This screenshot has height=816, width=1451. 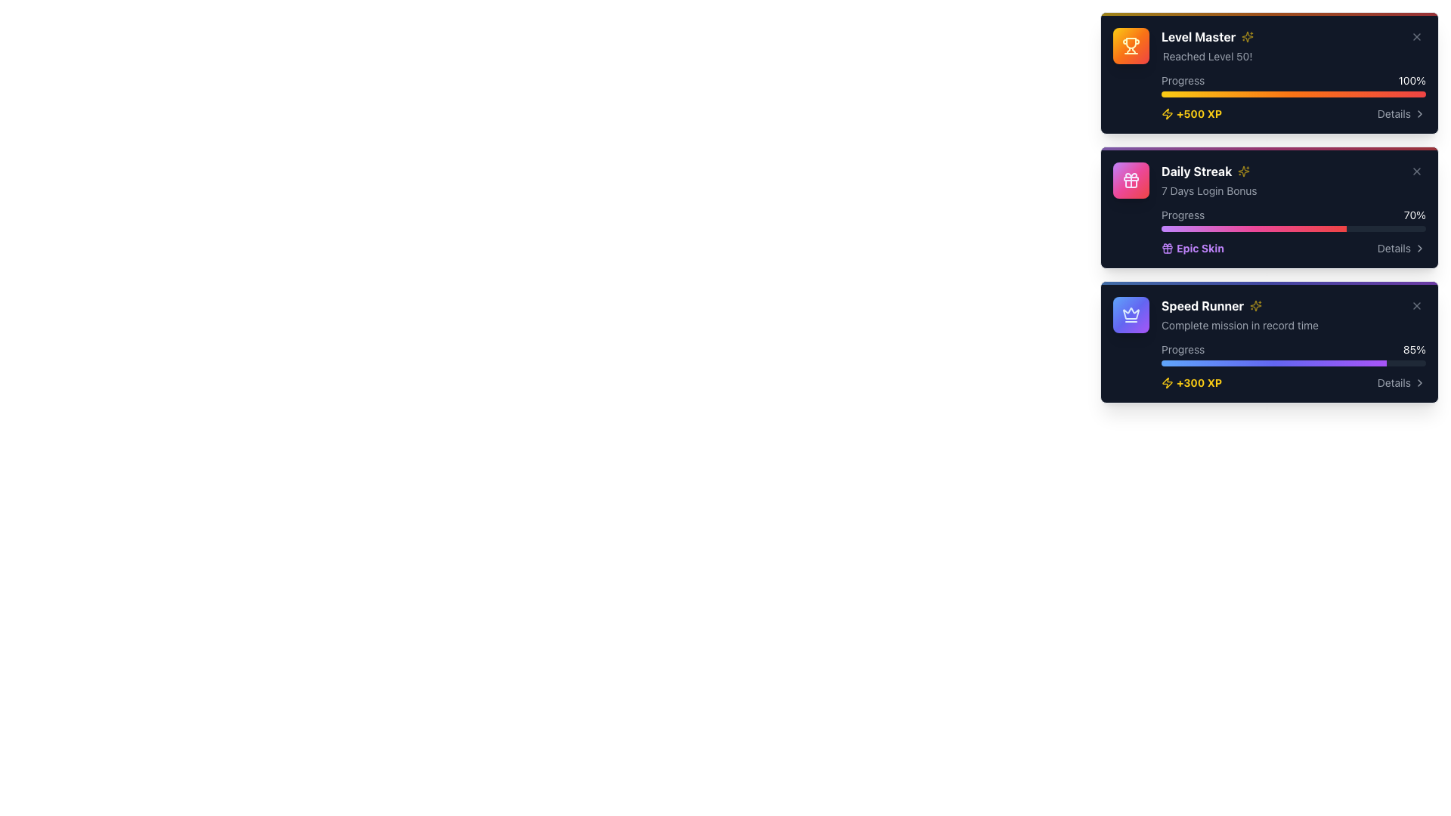 I want to click on the static information text that indicates a 7-day login bonus, which is the second item in the vertical list between 'Level Master' and 'Speed Runner', so click(x=1209, y=180).